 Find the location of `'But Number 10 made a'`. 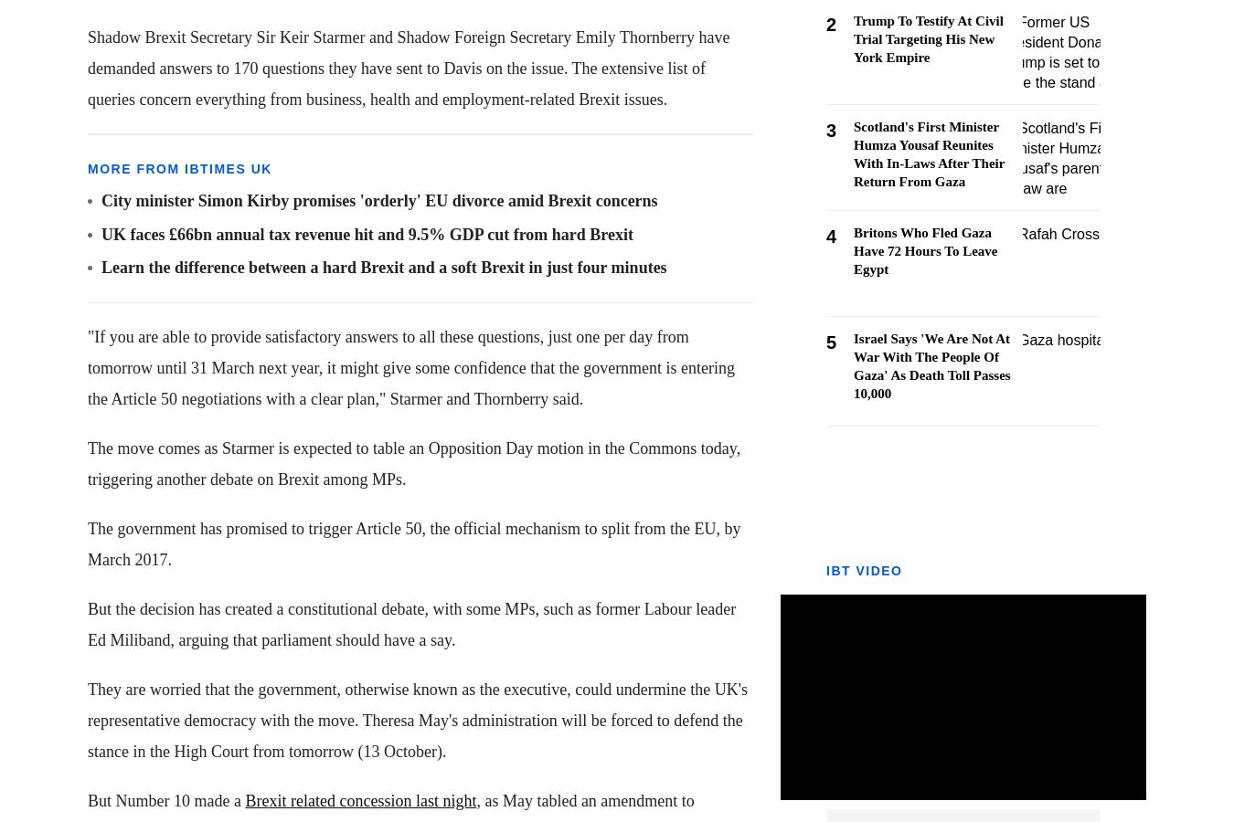

'But Number 10 made a' is located at coordinates (86, 800).